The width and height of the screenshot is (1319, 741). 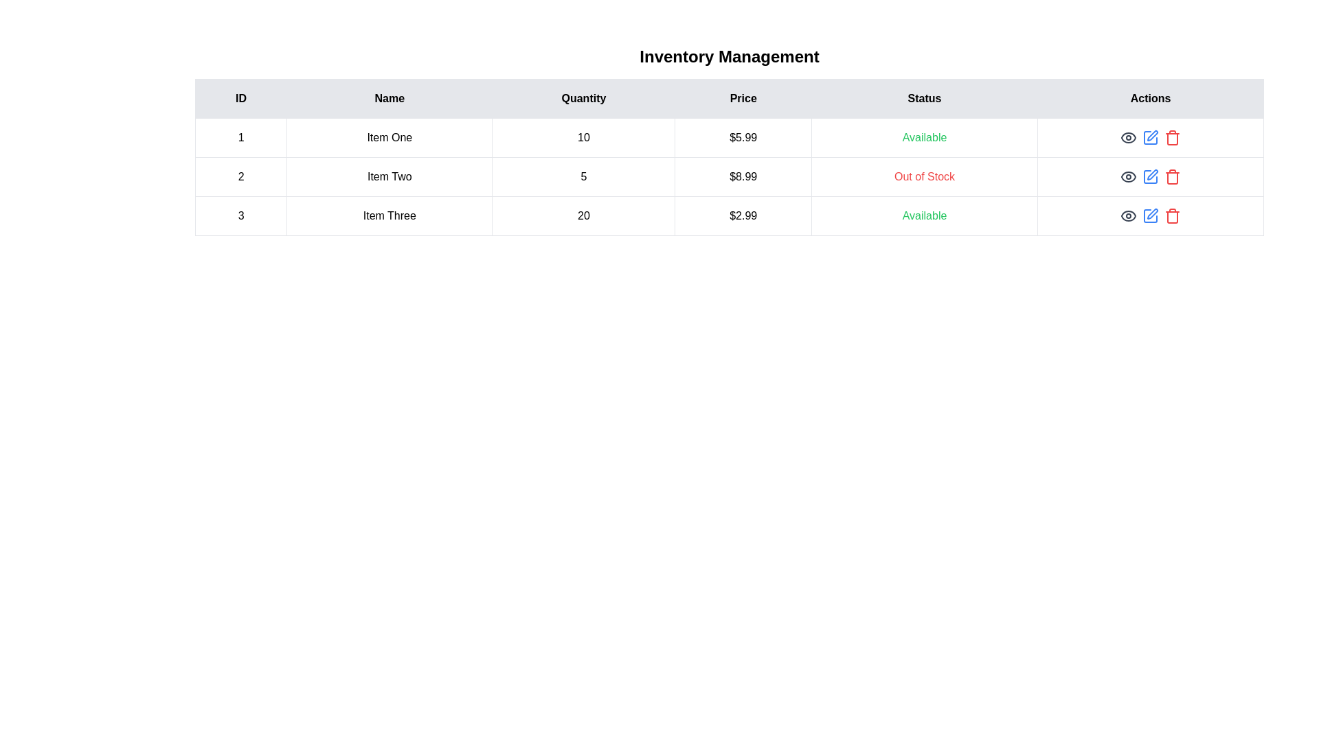 I want to click on the column header labeled ID to sort the table by that column, so click(x=240, y=97).